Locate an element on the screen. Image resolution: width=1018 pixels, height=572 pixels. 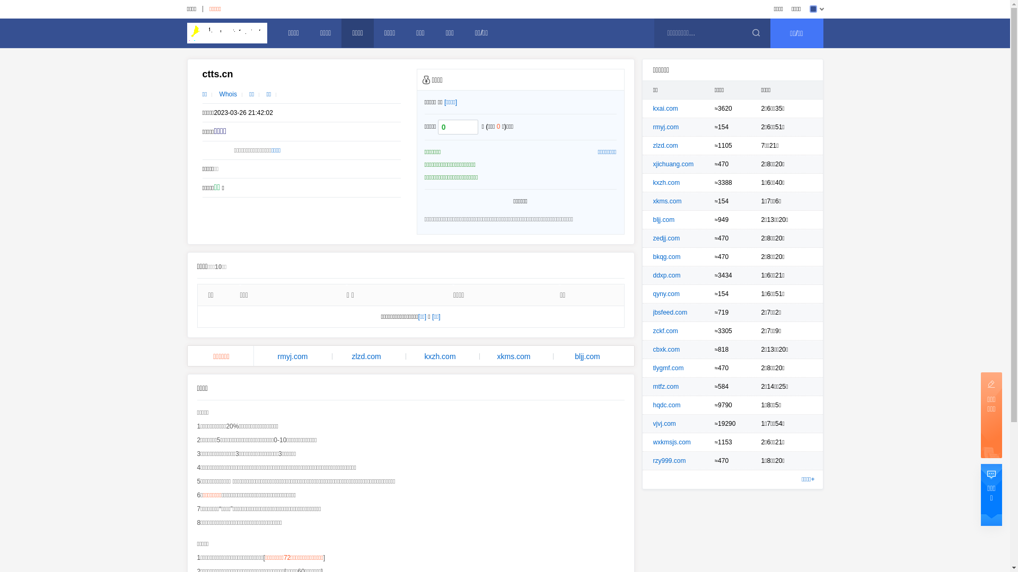
'wxkmsjs.com' is located at coordinates (671, 442).